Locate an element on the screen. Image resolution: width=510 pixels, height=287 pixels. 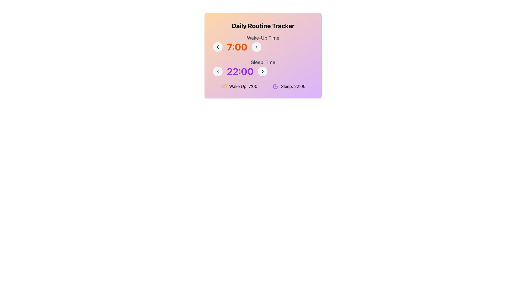
the arrow icon located in the second row of the routine tracker card, directly to the left of the time '22:00' for 'Sleep Time', to decrease the value is located at coordinates (218, 47).